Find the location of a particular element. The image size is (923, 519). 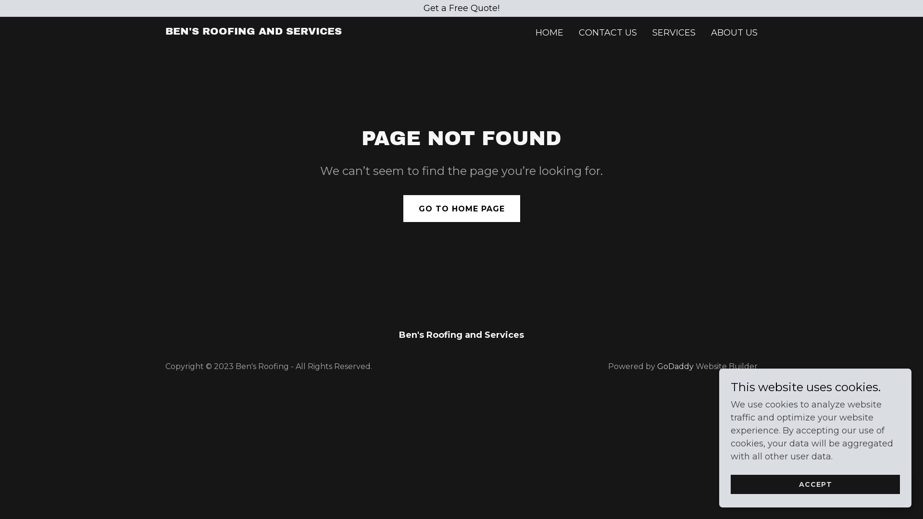

'GoDaddy' is located at coordinates (675, 366).